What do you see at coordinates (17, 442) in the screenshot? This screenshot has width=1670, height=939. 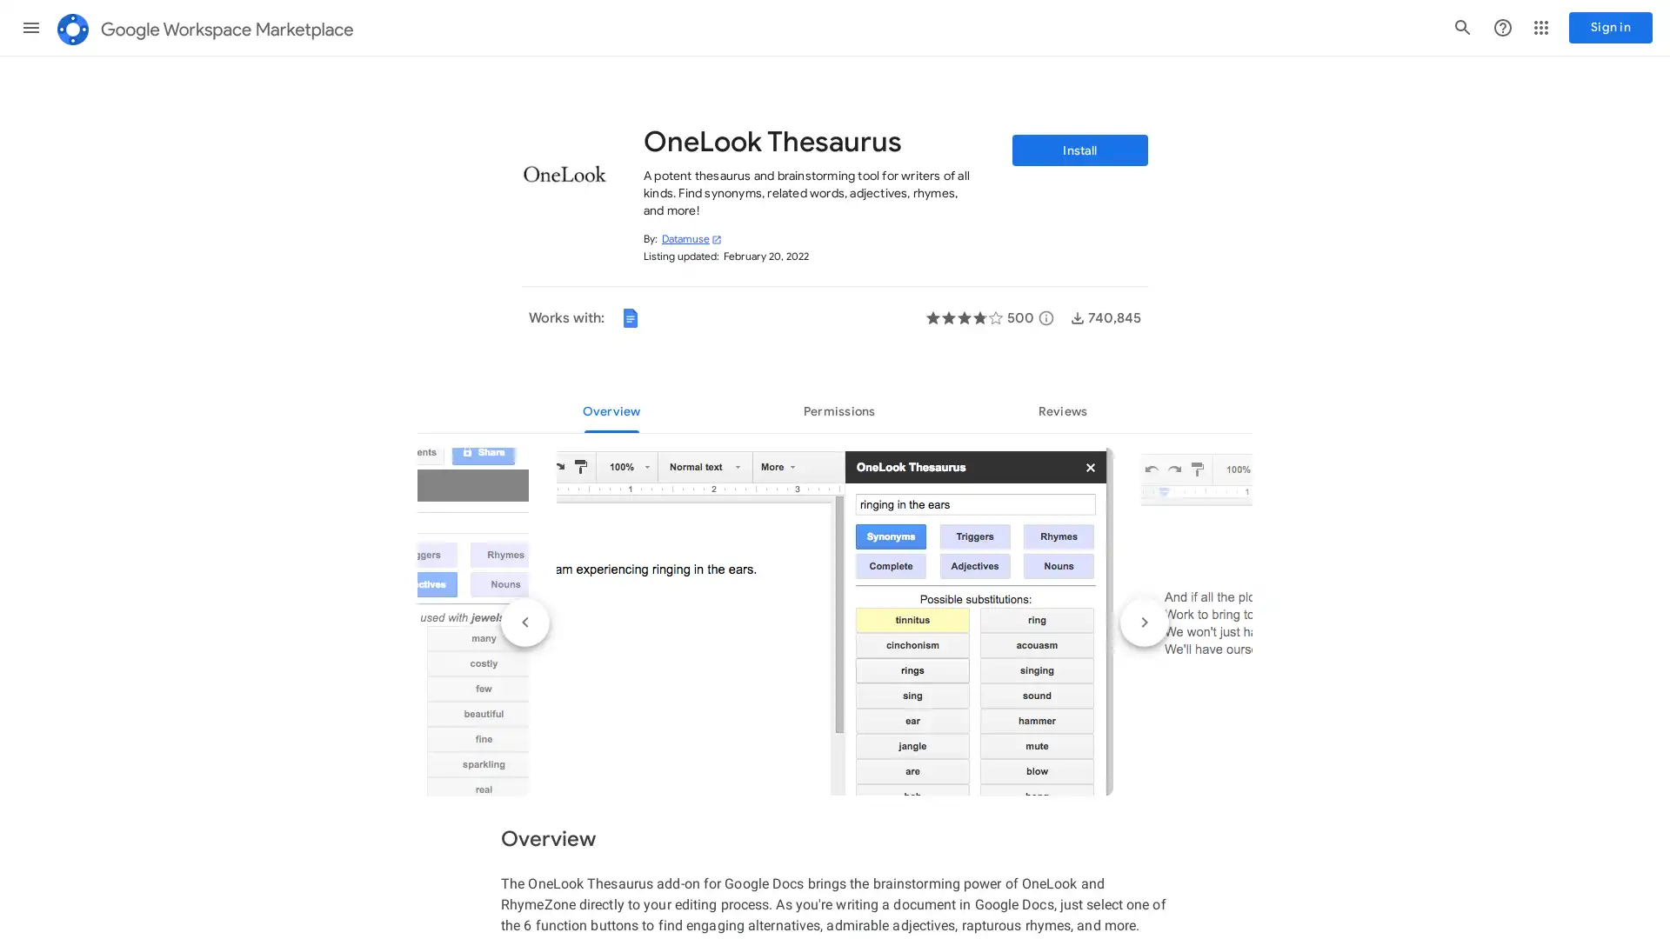 I see `Categories` at bounding box center [17, 442].